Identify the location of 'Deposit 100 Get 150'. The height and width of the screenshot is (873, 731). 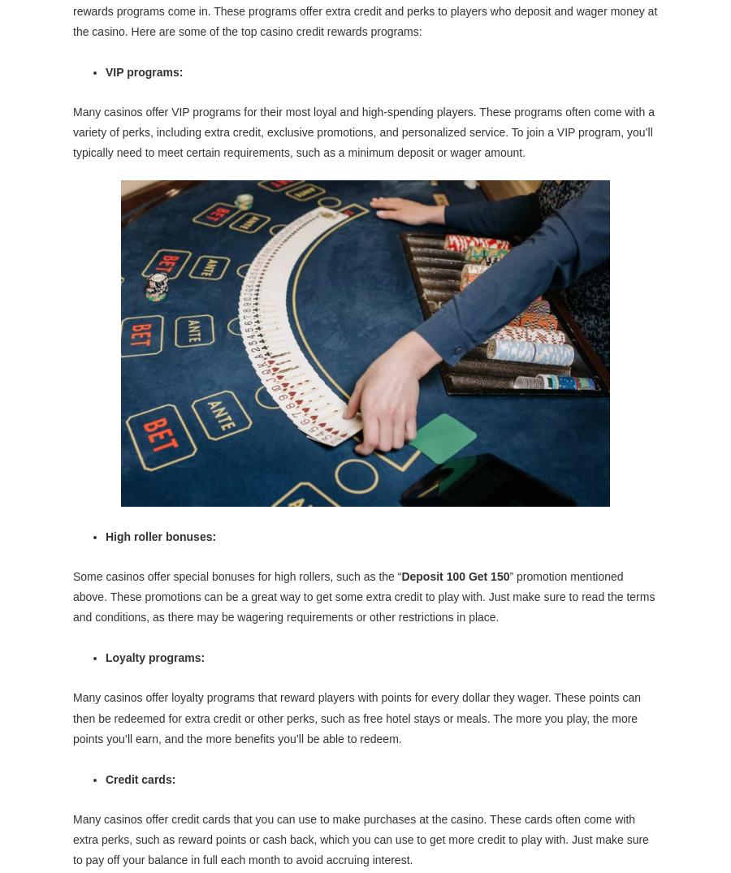
(454, 574).